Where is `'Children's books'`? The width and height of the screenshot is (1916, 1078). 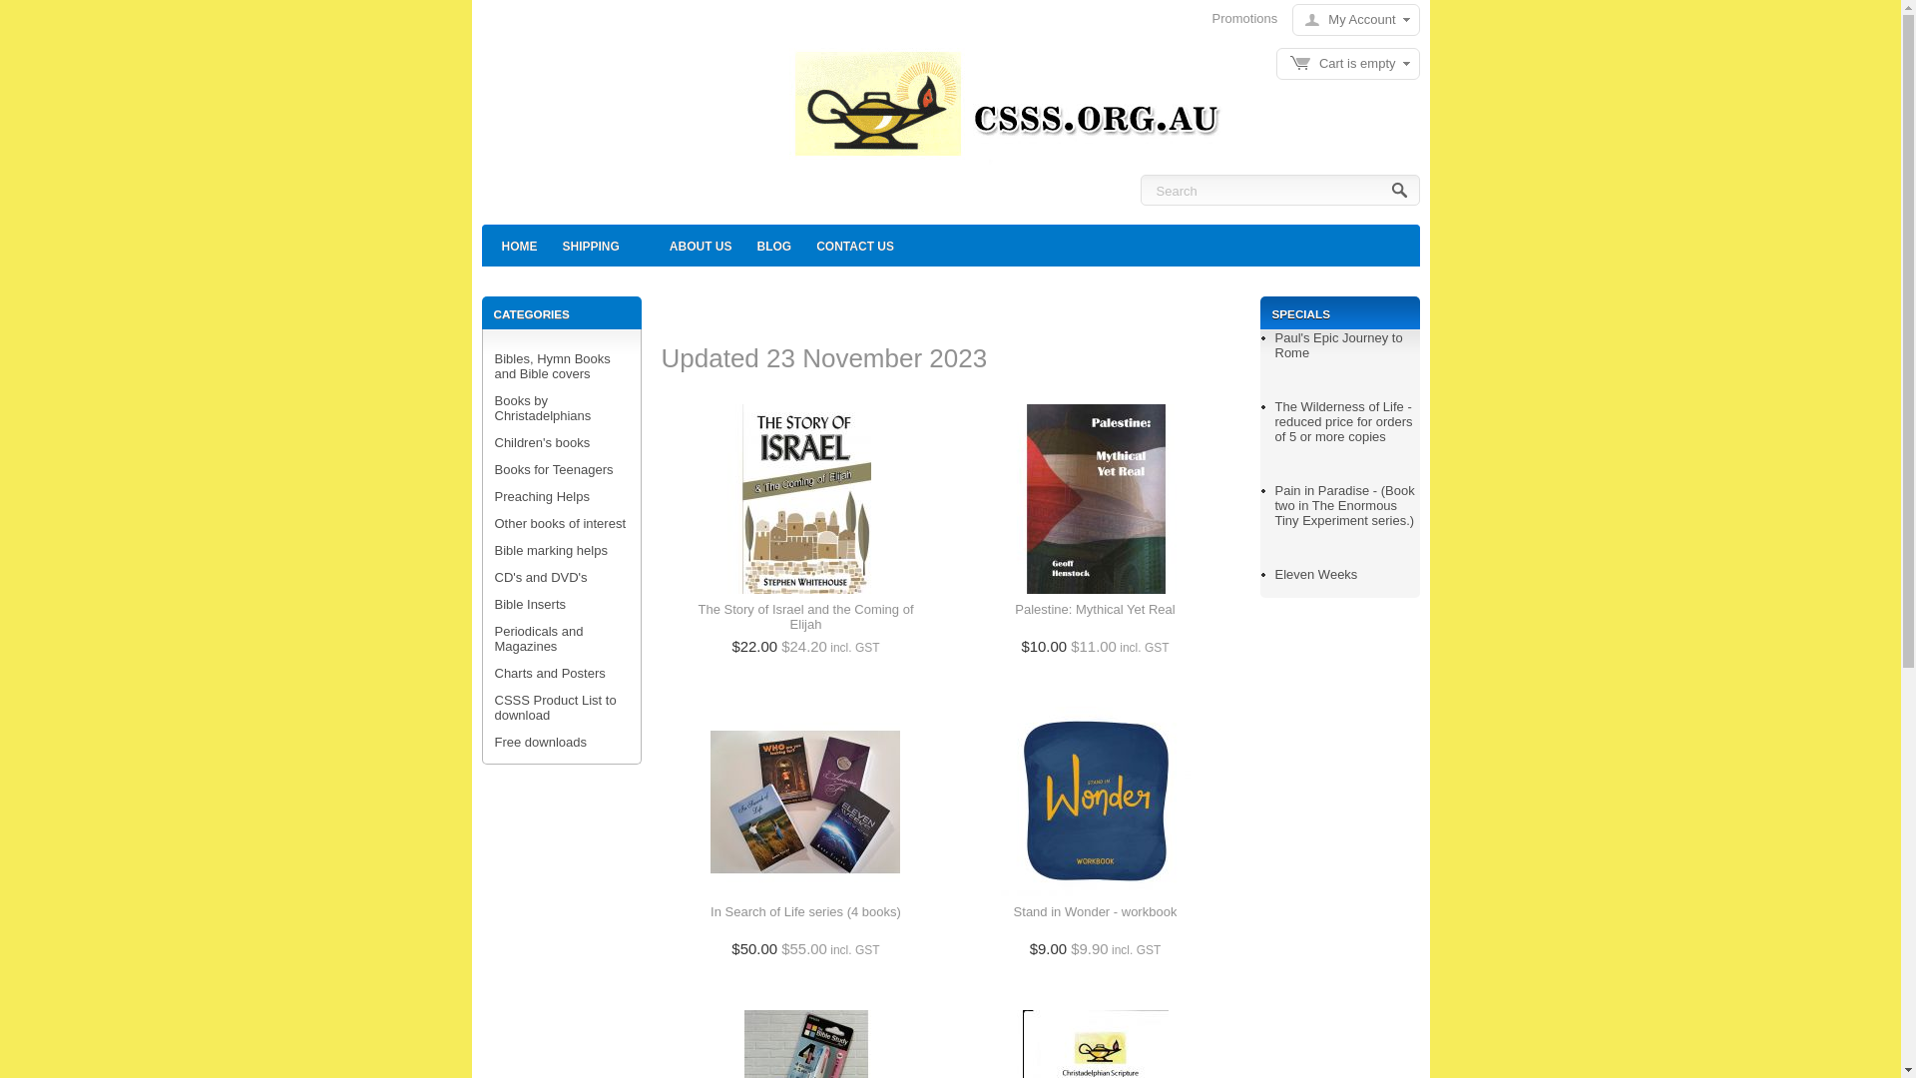
'Children's books' is located at coordinates (494, 441).